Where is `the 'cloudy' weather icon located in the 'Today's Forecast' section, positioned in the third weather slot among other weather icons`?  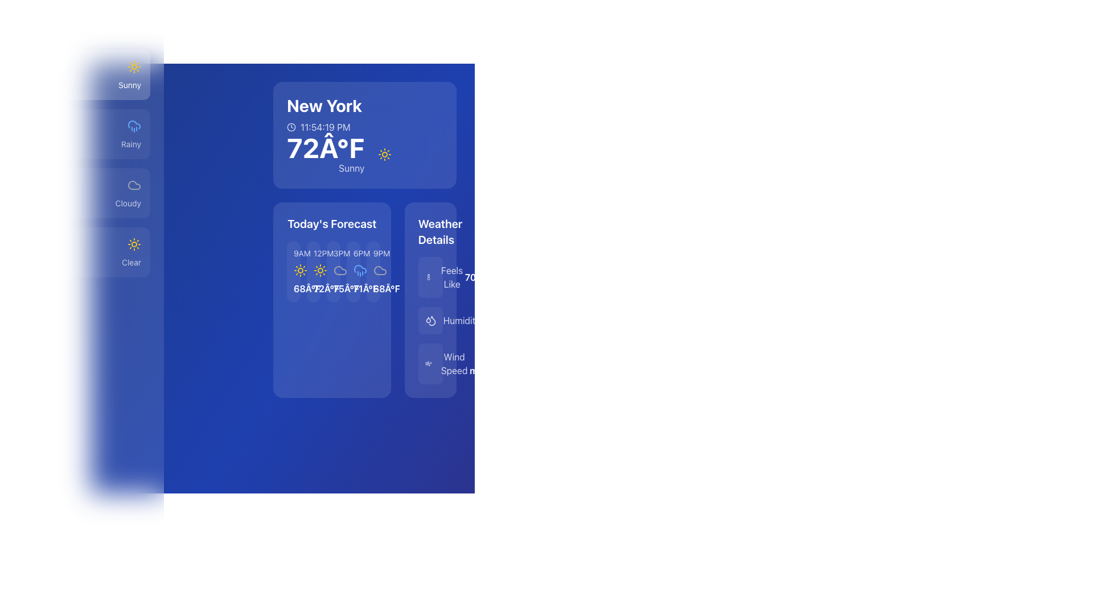
the 'cloudy' weather icon located in the 'Today's Forecast' section, positioned in the third weather slot among other weather icons is located at coordinates (380, 270).